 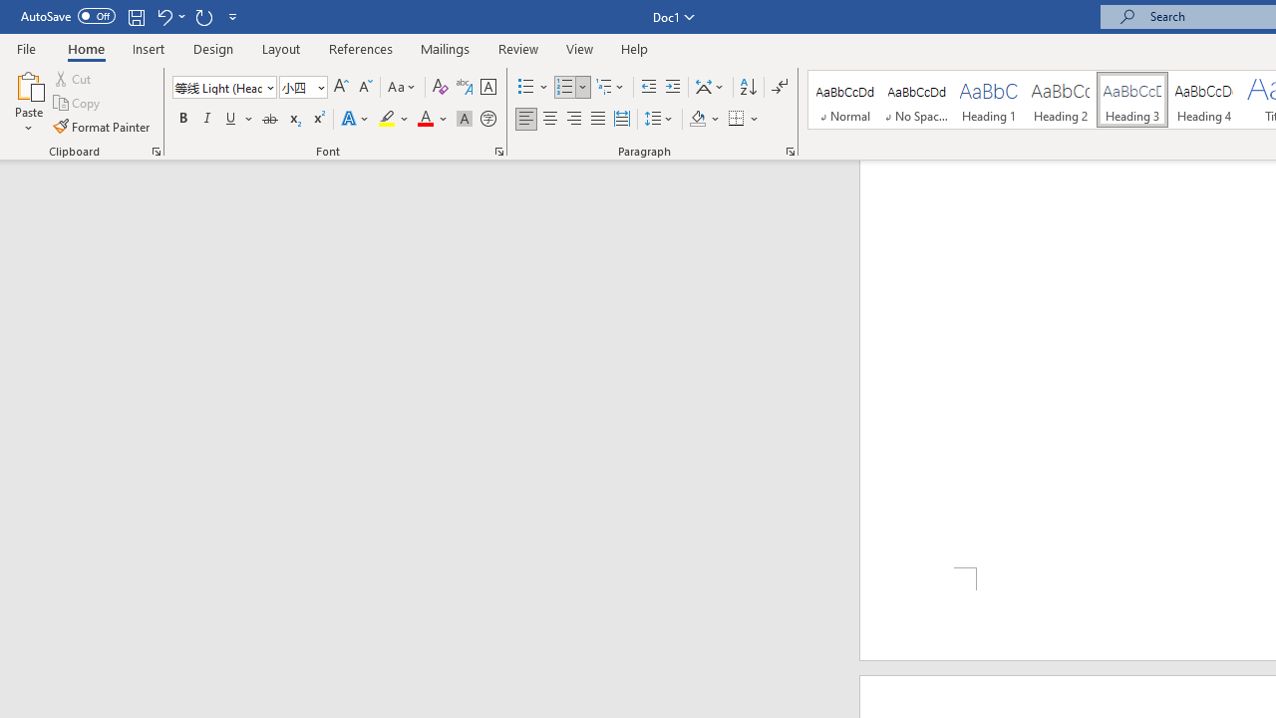 What do you see at coordinates (1203, 100) in the screenshot?
I see `'Heading 4'` at bounding box center [1203, 100].